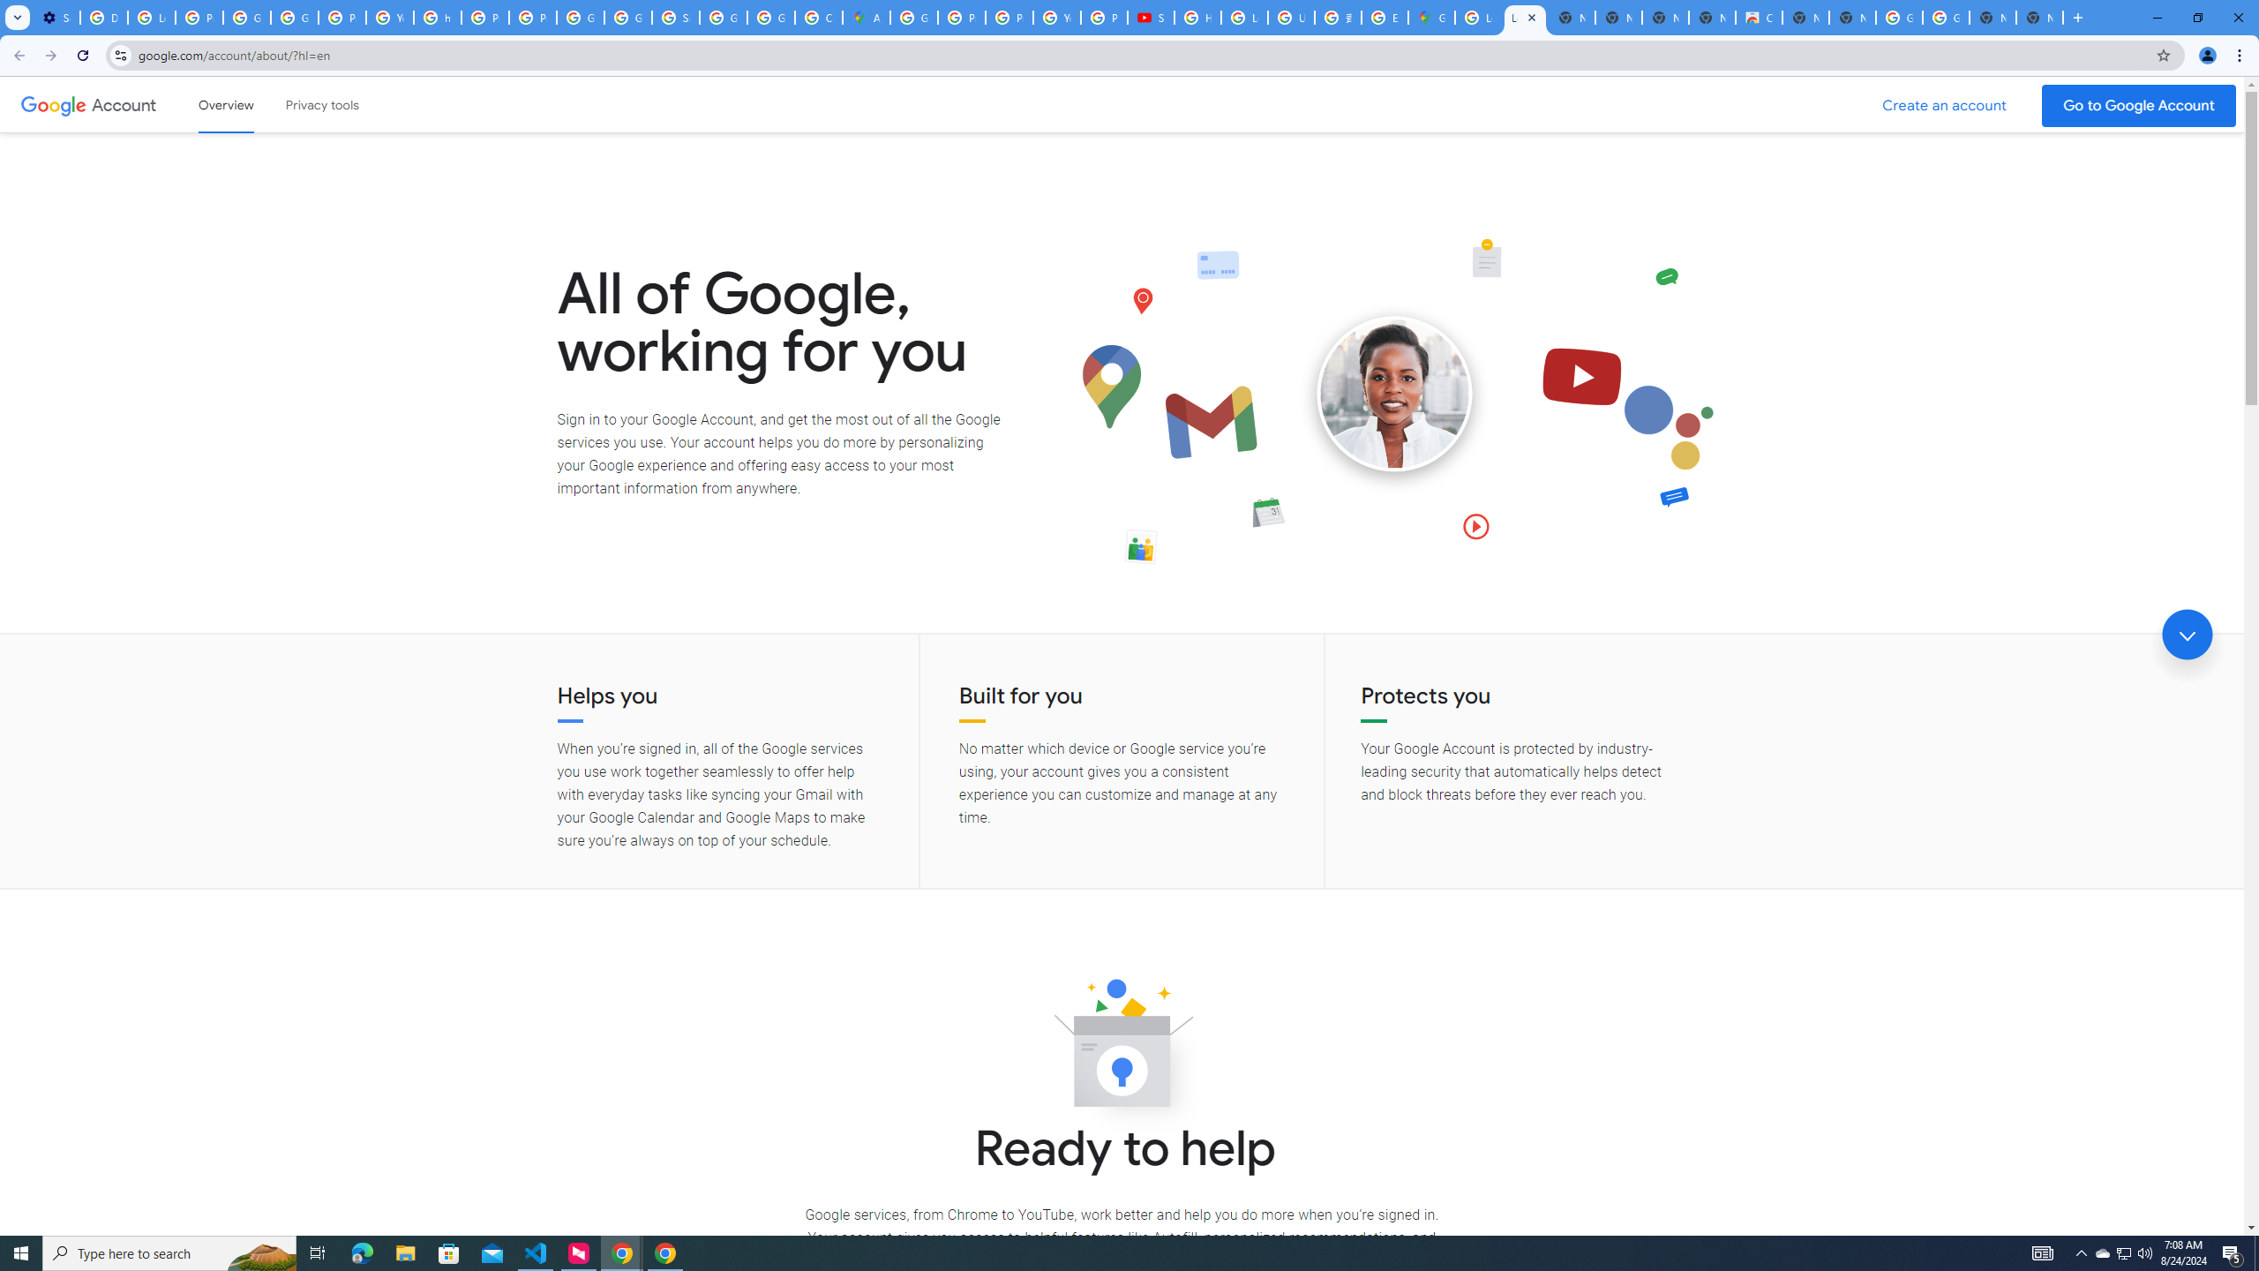  Describe the element at coordinates (1899, 17) in the screenshot. I see `'Google Images'` at that location.